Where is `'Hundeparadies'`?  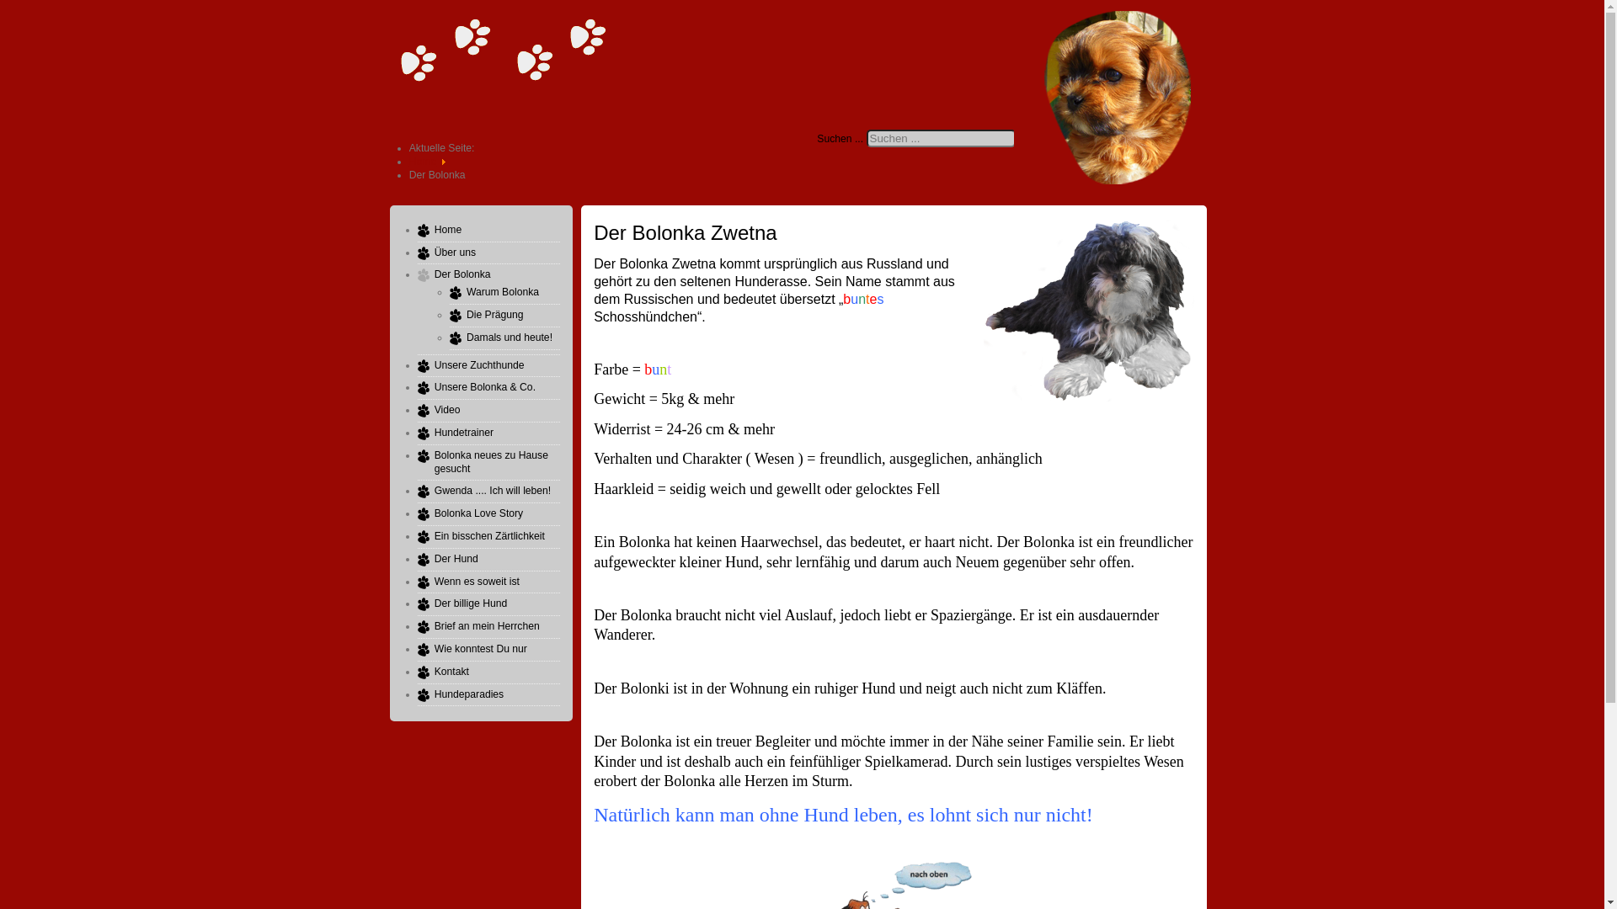
'Hundeparadies' is located at coordinates (468, 694).